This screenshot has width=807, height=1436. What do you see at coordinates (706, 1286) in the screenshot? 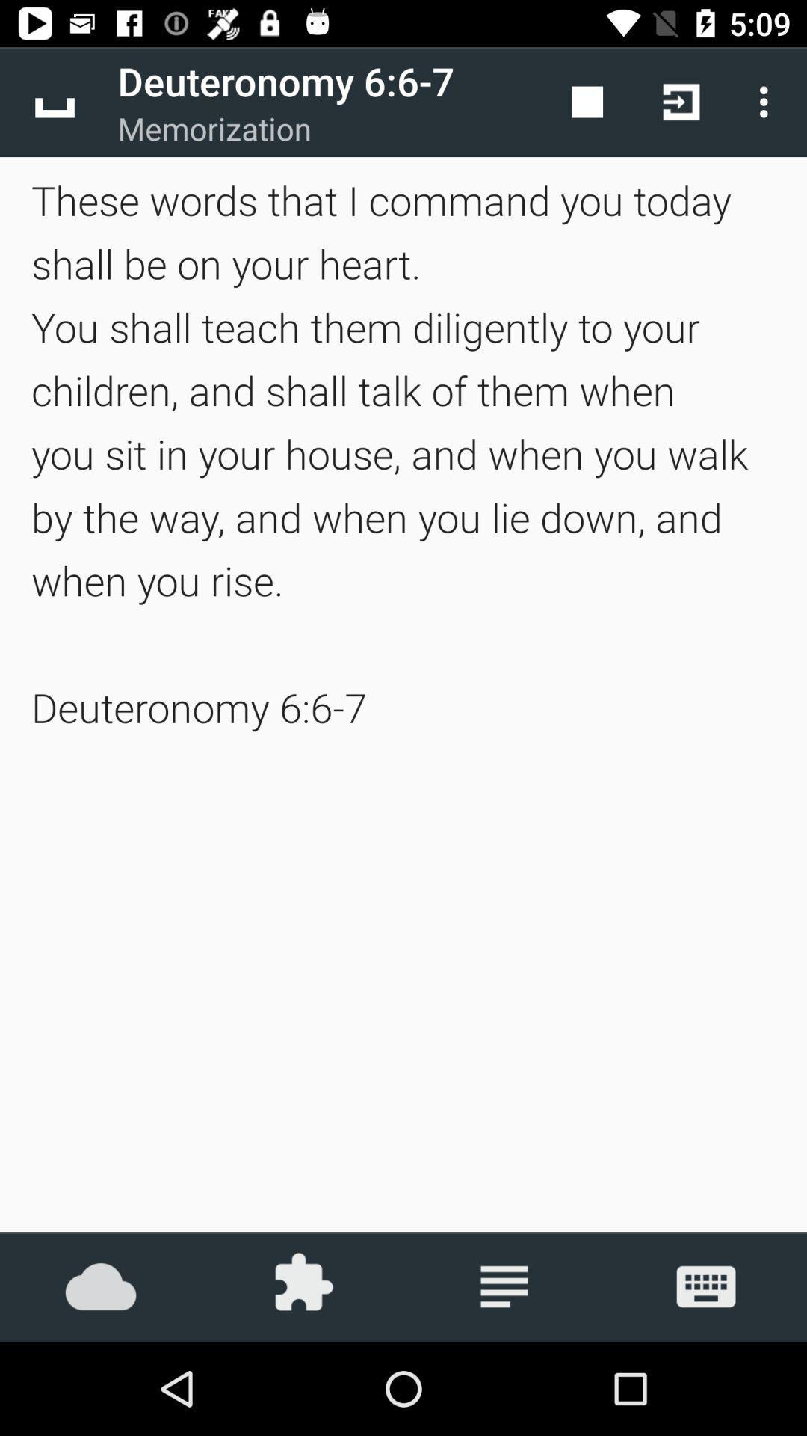
I see `keyboard` at bounding box center [706, 1286].